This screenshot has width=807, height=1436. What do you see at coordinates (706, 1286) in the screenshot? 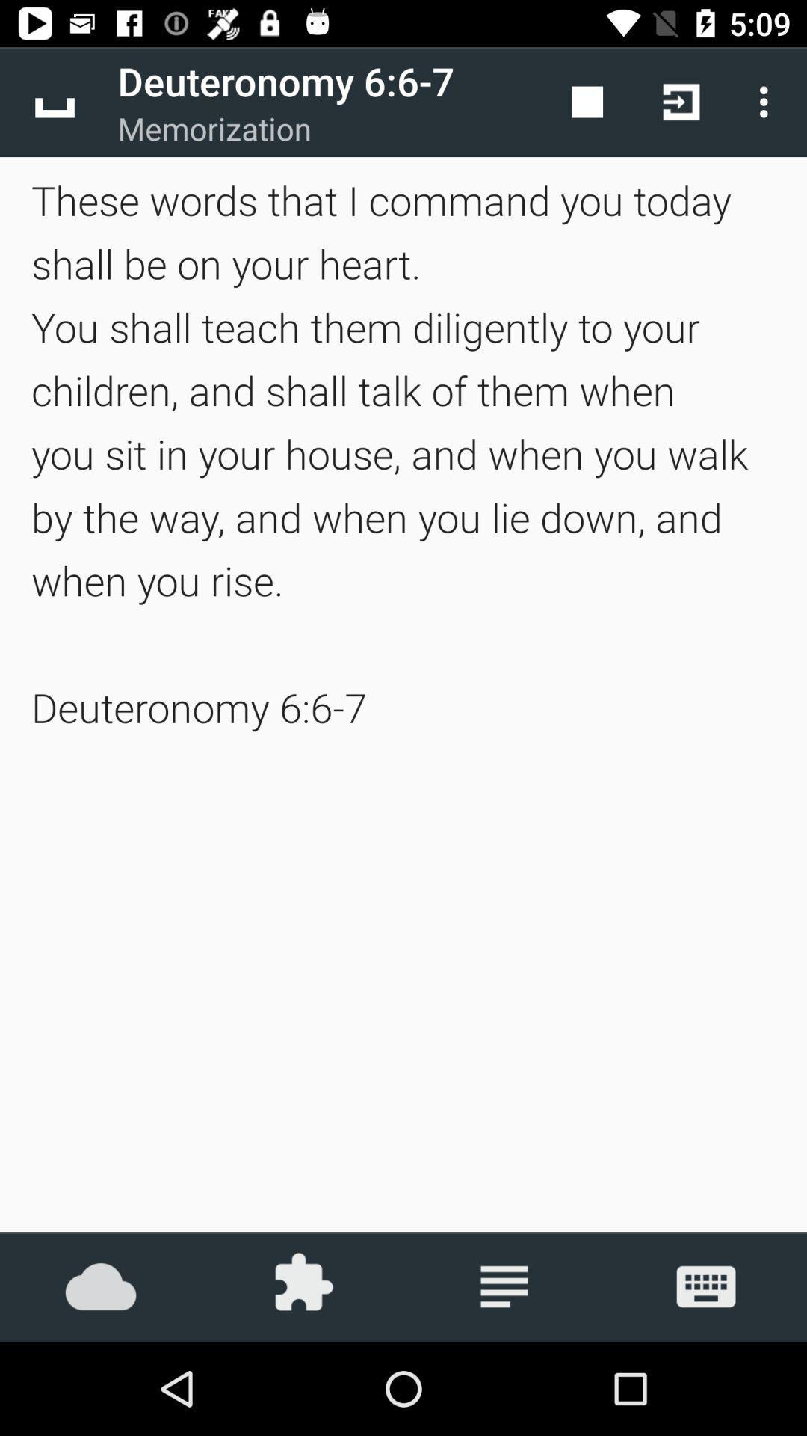
I see `keyboard` at bounding box center [706, 1286].